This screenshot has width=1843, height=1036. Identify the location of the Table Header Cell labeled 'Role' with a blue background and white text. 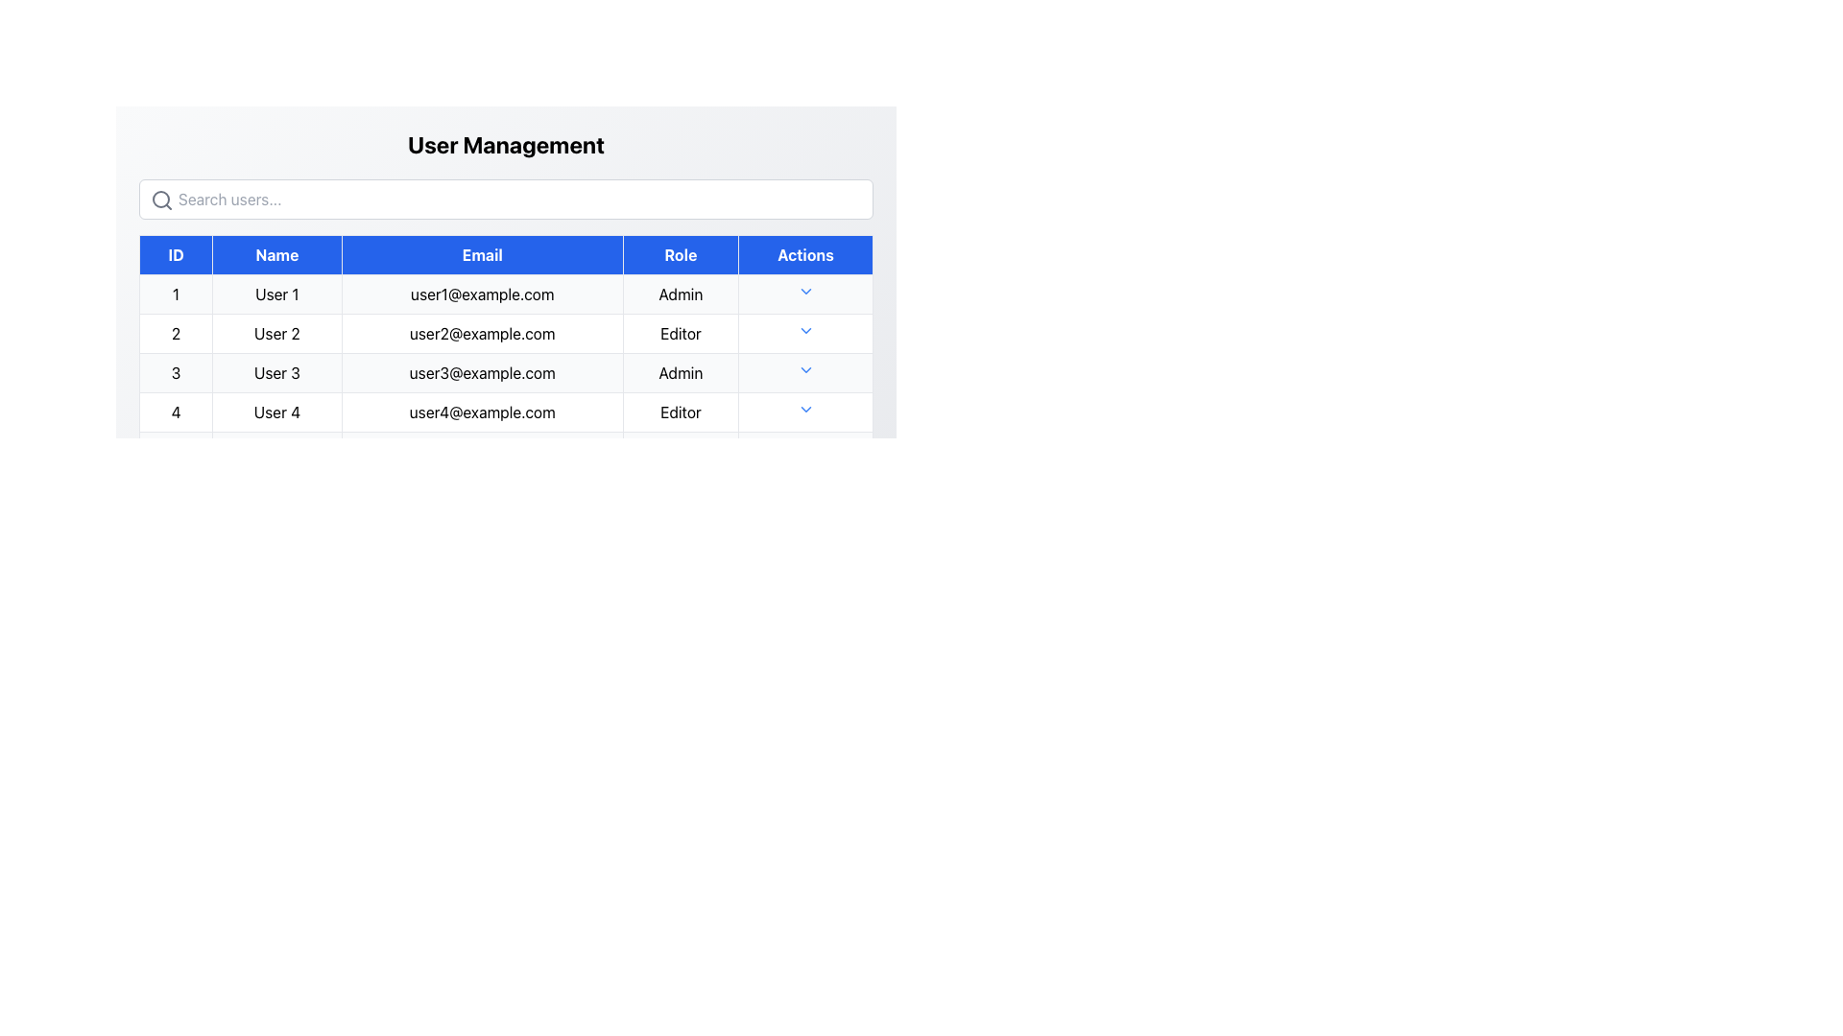
(681, 254).